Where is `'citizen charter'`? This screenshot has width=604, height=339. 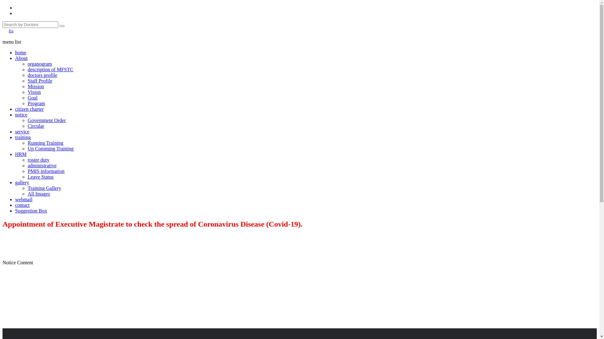 'citizen charter' is located at coordinates (29, 109).